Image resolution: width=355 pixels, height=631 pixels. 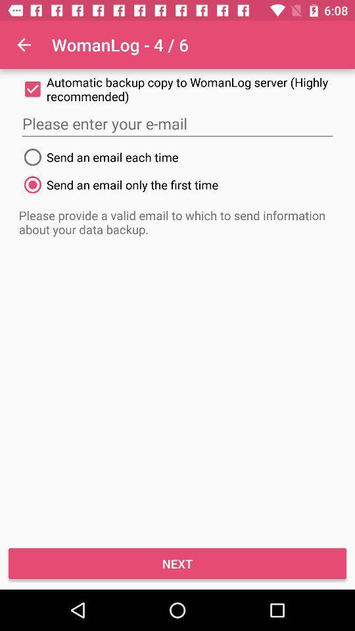 What do you see at coordinates (177, 124) in the screenshot?
I see `email field` at bounding box center [177, 124].